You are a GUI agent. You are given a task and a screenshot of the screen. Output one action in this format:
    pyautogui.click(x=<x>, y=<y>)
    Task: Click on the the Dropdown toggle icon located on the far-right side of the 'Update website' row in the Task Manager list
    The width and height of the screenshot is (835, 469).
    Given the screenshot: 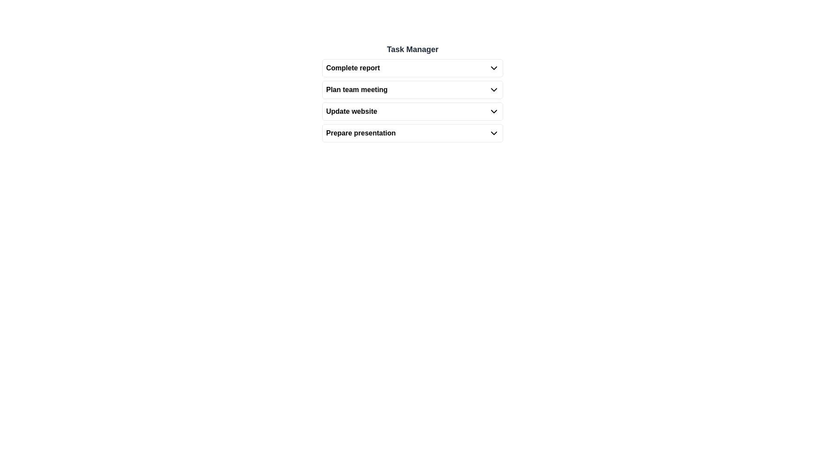 What is the action you would take?
    pyautogui.click(x=494, y=111)
    